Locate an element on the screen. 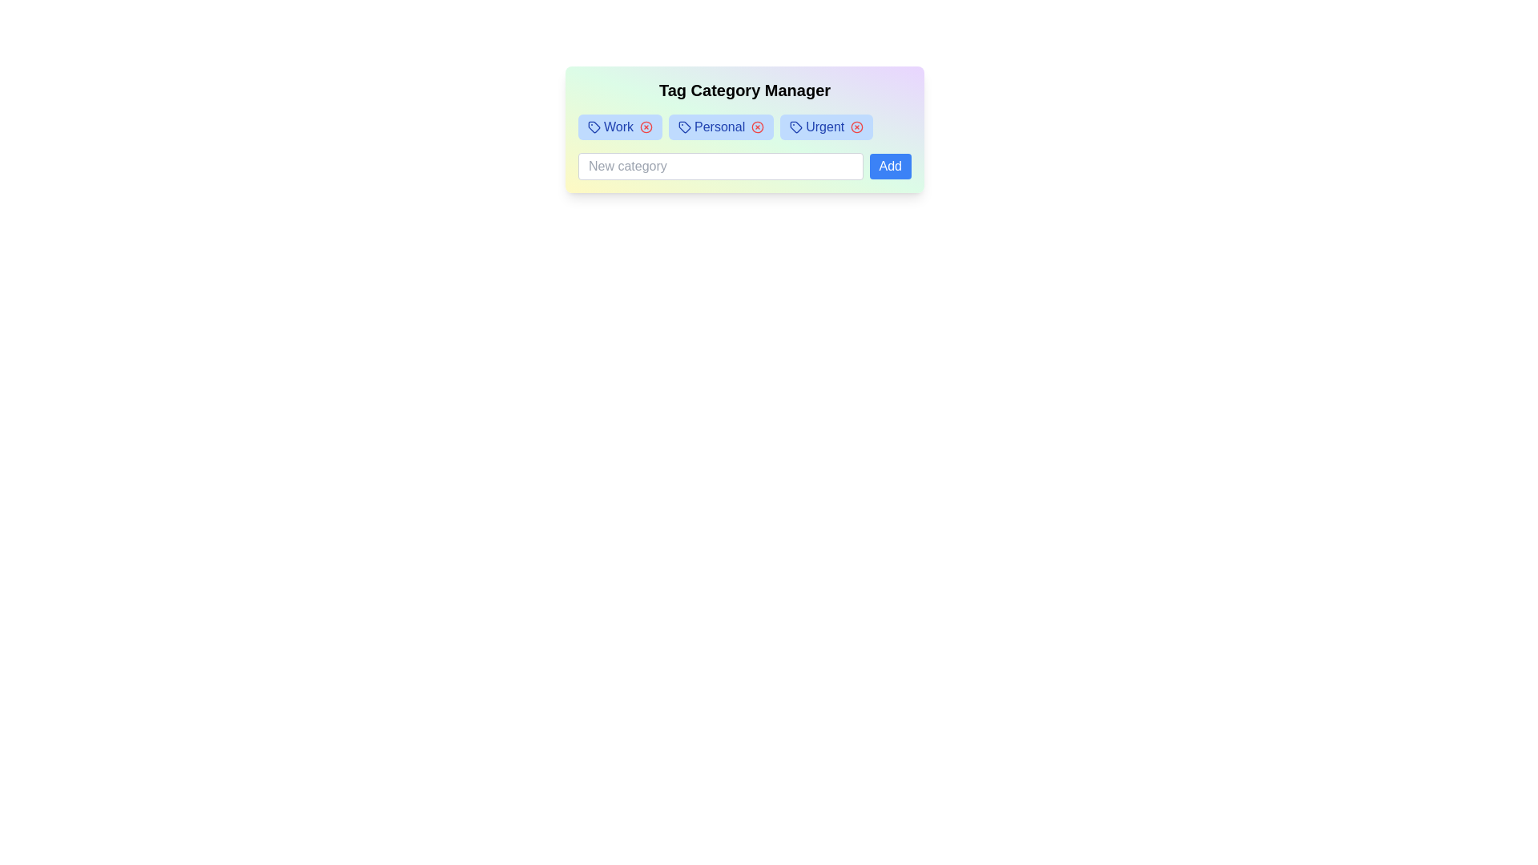 The image size is (1538, 865). the tag icon located at the first position in the sequence of three tags, adjacent to the text 'Work', in the 'Tag Category Manager' modal window is located at coordinates (594, 126).